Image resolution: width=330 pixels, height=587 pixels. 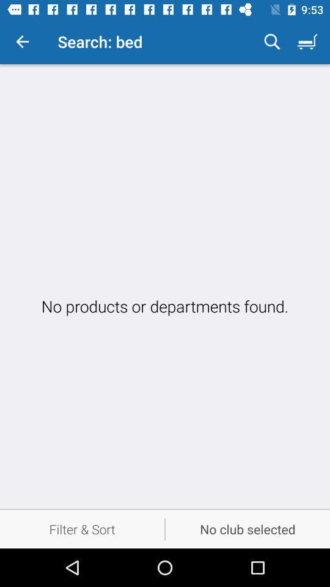 What do you see at coordinates (22, 42) in the screenshot?
I see `the item next to the search: bed icon` at bounding box center [22, 42].